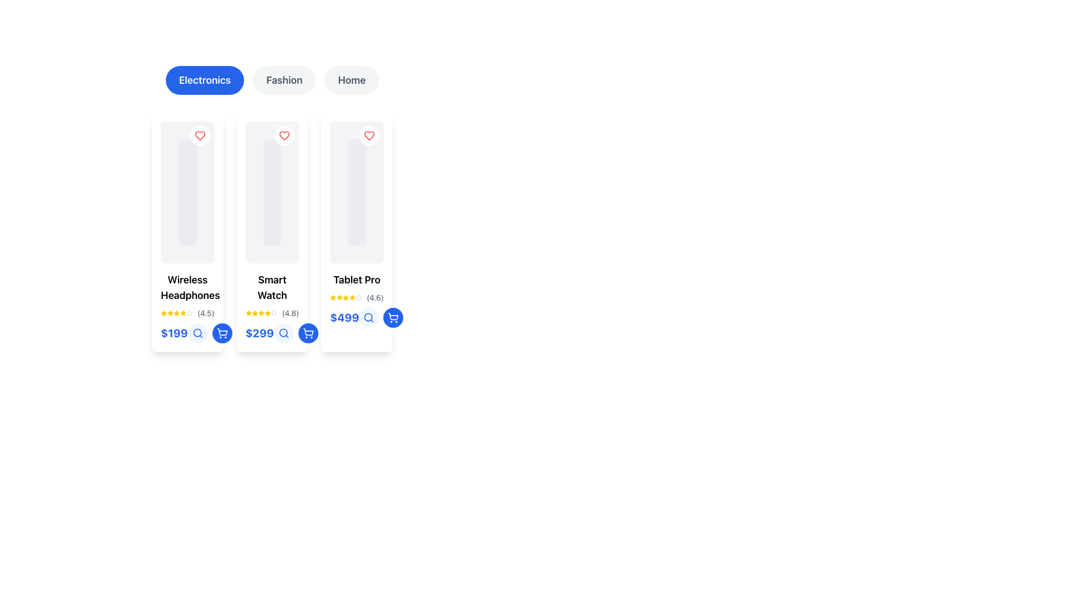  I want to click on the rating star icon located above the product's title label in the 'Tablet Pro' section of the interface, so click(359, 297).